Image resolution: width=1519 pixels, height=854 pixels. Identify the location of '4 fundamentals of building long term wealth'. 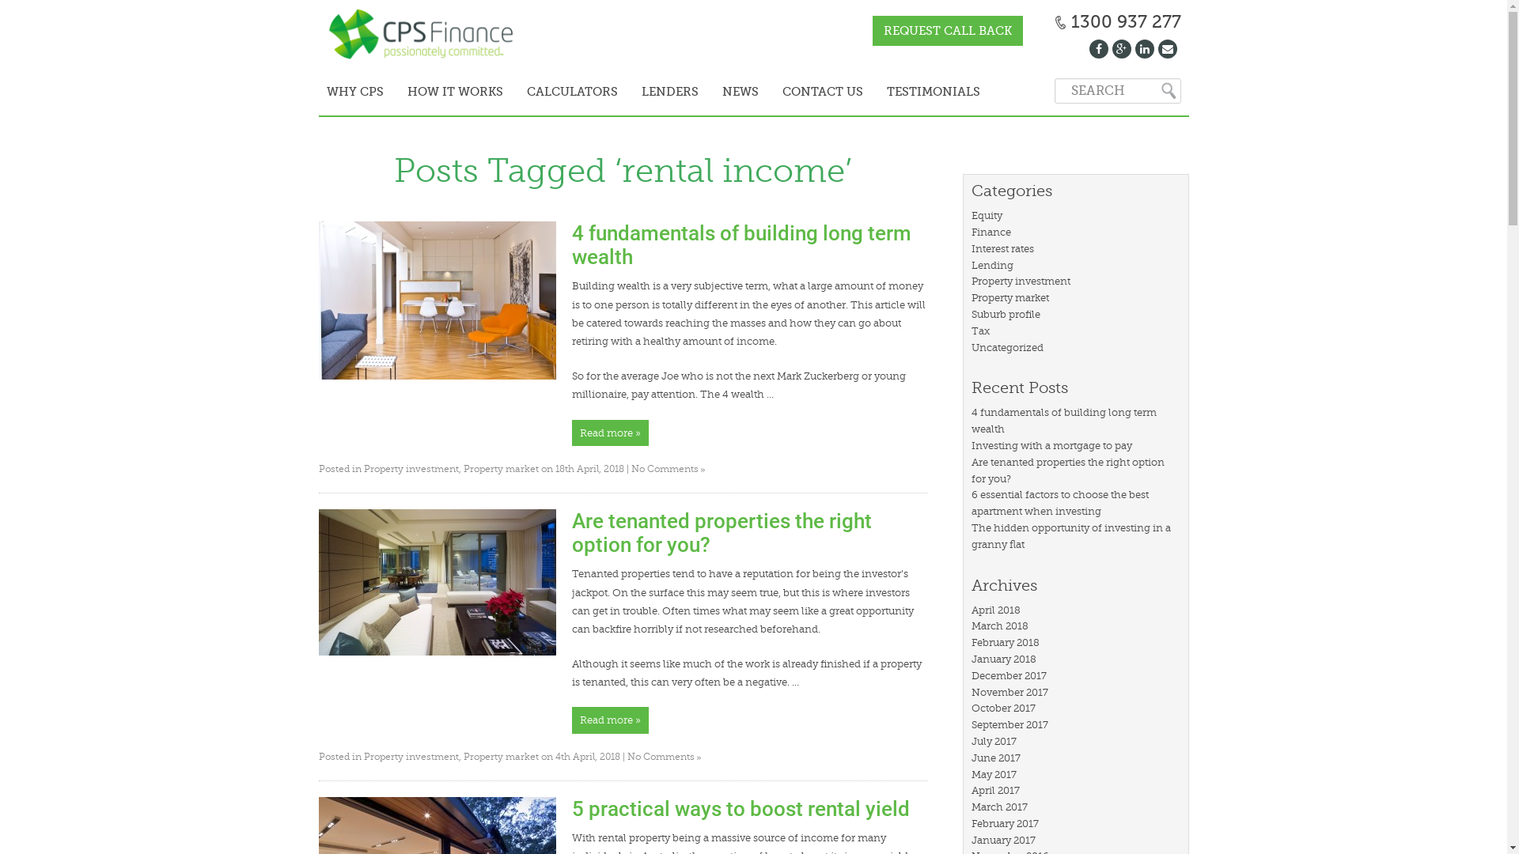
(1063, 420).